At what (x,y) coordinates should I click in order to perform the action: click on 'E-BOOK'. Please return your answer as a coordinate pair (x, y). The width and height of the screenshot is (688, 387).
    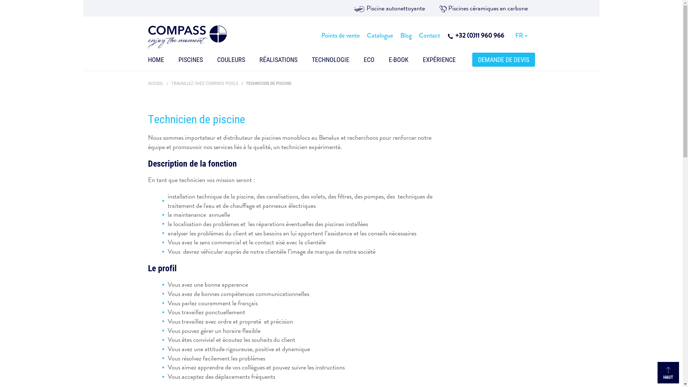
    Looking at the image, I should click on (398, 61).